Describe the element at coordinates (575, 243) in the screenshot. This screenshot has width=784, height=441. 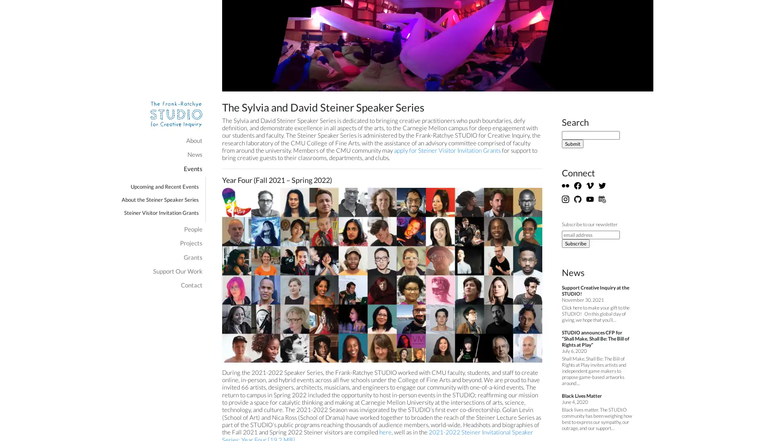
I see `Subscribe` at that location.